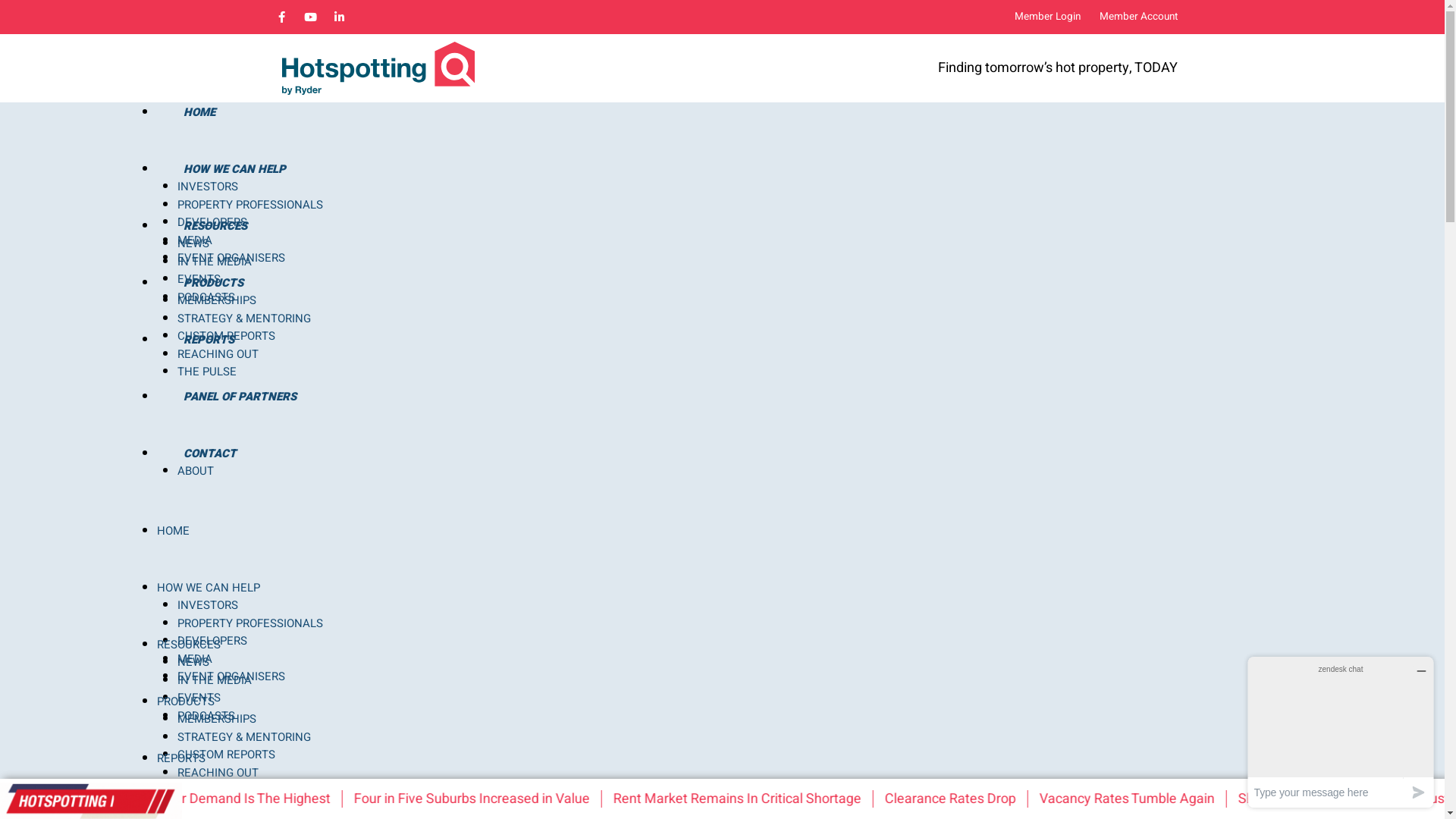 The height and width of the screenshot is (819, 1456). What do you see at coordinates (207, 338) in the screenshot?
I see `'REPORTS'` at bounding box center [207, 338].